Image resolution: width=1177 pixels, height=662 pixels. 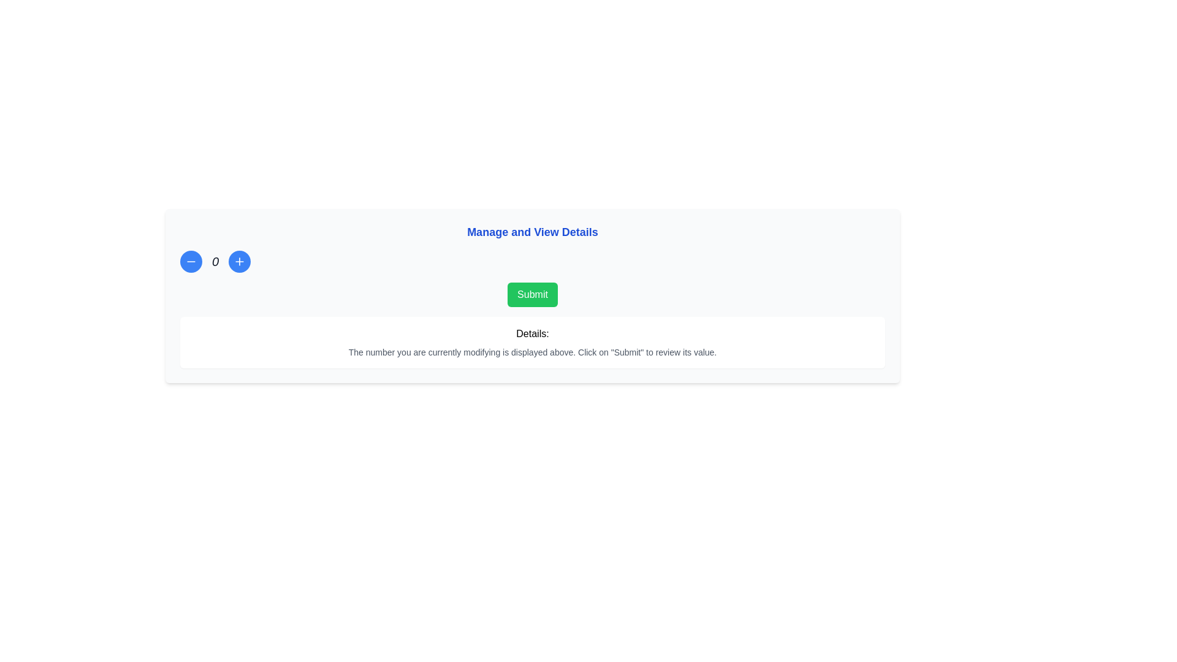 What do you see at coordinates (191, 261) in the screenshot?
I see `the circular blue button with a white minus icon to decrement the value located to the left of the numeric value '0'` at bounding box center [191, 261].